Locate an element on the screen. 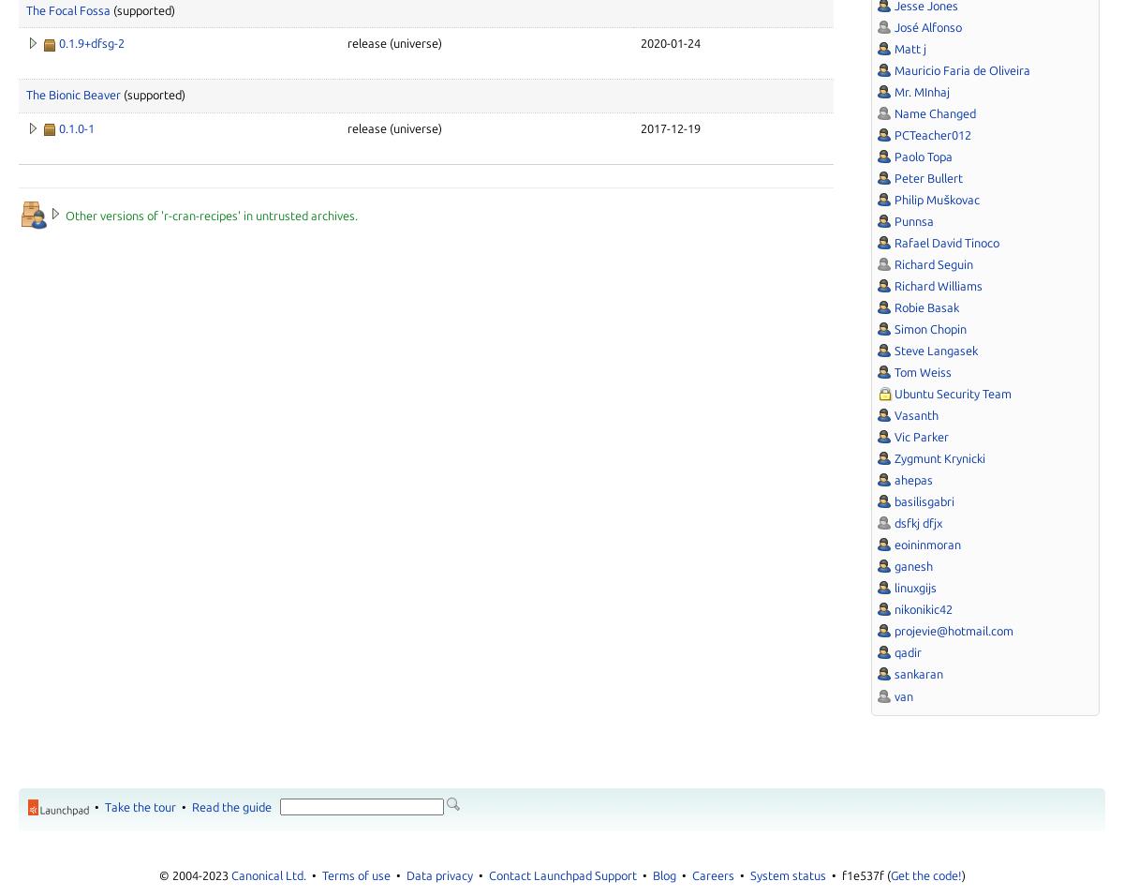  'Ubuntu Security Team' is located at coordinates (953, 393).